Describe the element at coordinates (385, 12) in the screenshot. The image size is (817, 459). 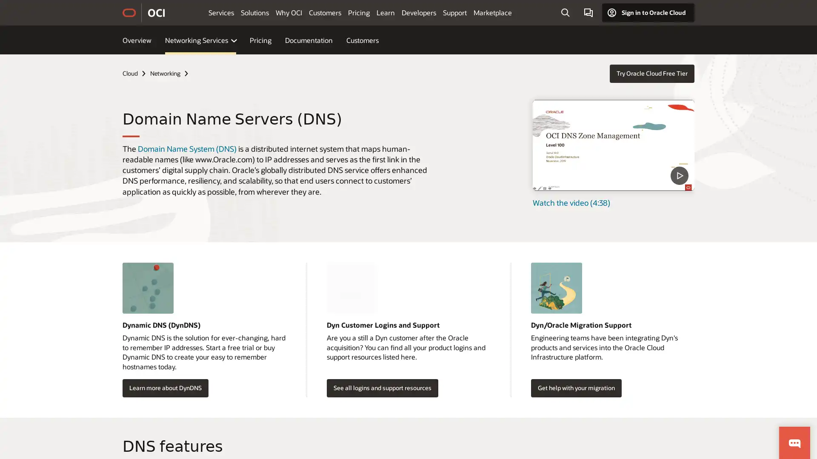
I see `Learn` at that location.